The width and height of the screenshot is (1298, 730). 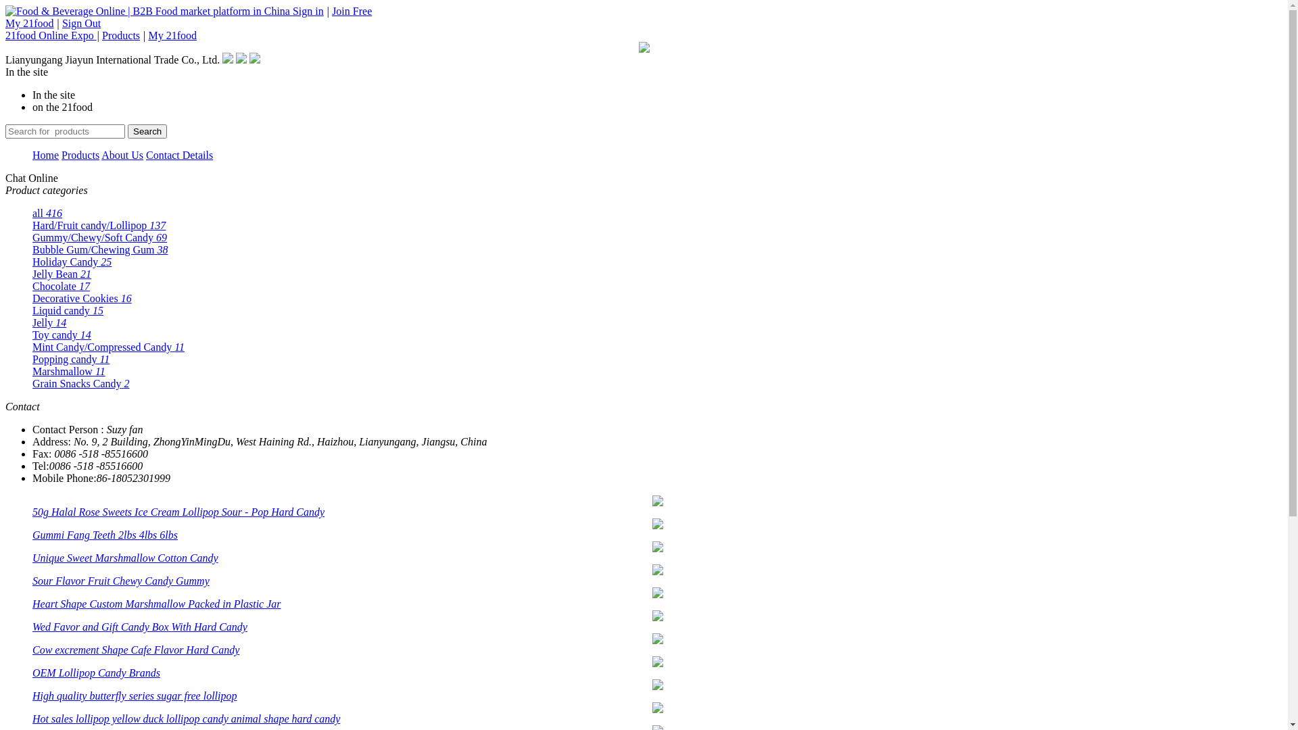 What do you see at coordinates (49, 322) in the screenshot?
I see `'Jelly 14'` at bounding box center [49, 322].